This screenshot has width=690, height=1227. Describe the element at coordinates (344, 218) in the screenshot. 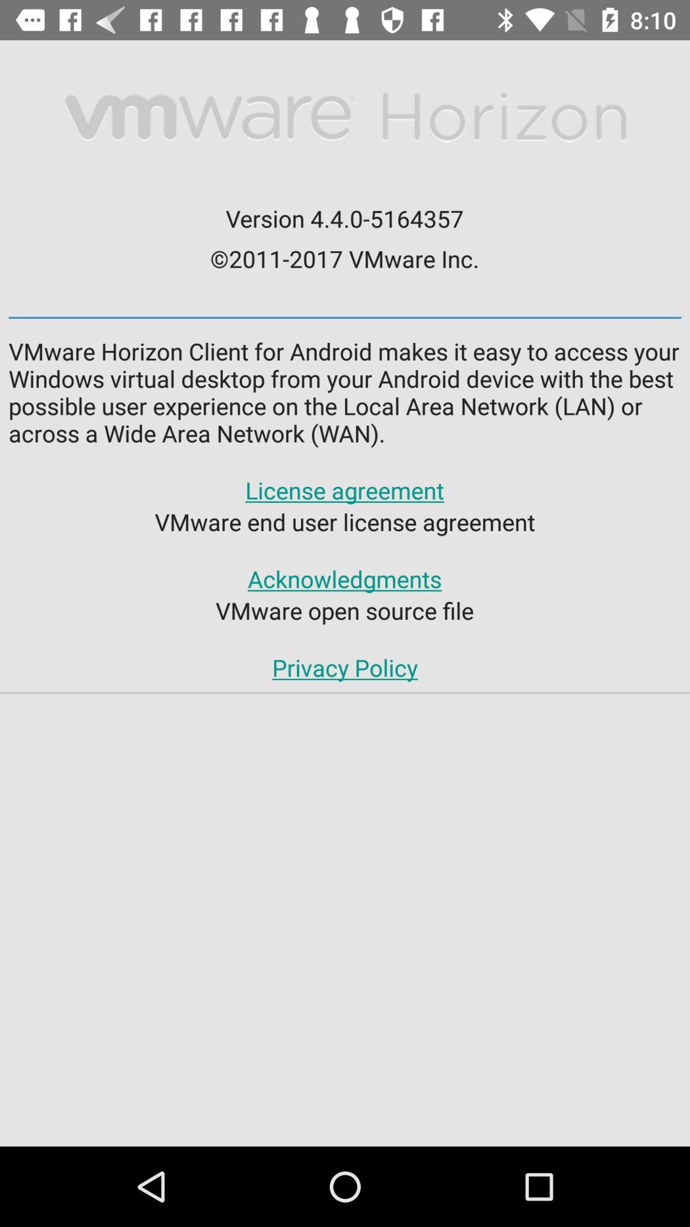

I see `version 4 4 item` at that location.